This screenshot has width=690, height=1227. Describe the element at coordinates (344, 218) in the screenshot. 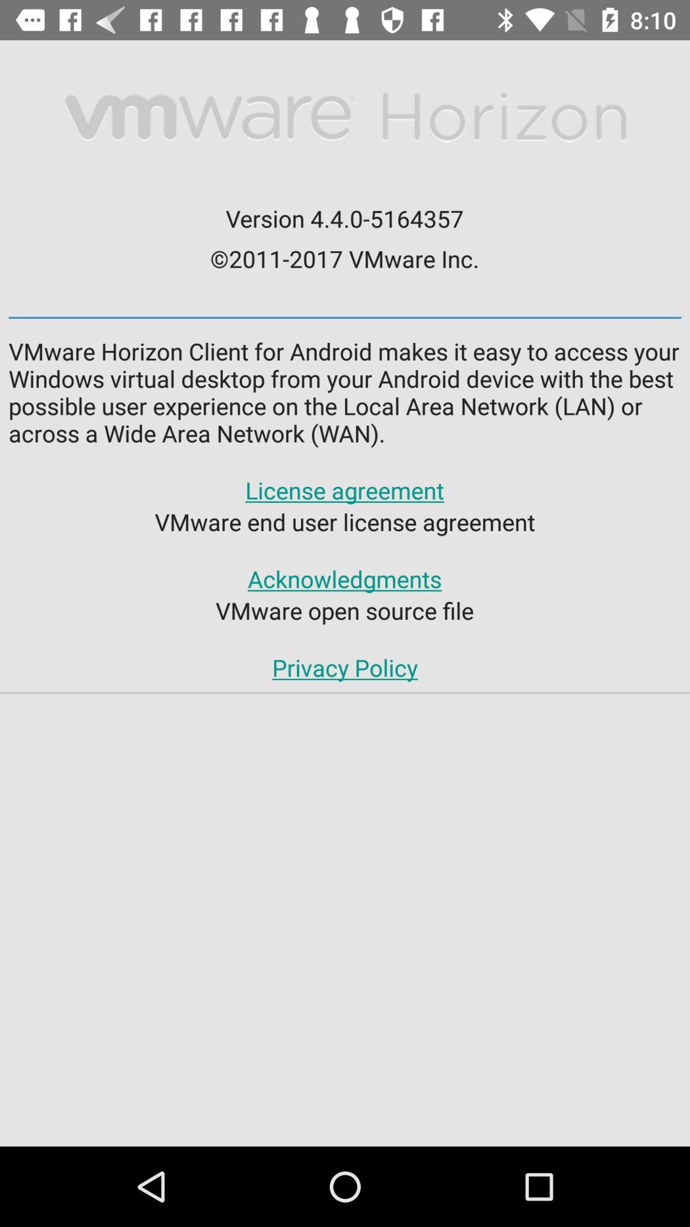

I see `version 4 4 item` at that location.